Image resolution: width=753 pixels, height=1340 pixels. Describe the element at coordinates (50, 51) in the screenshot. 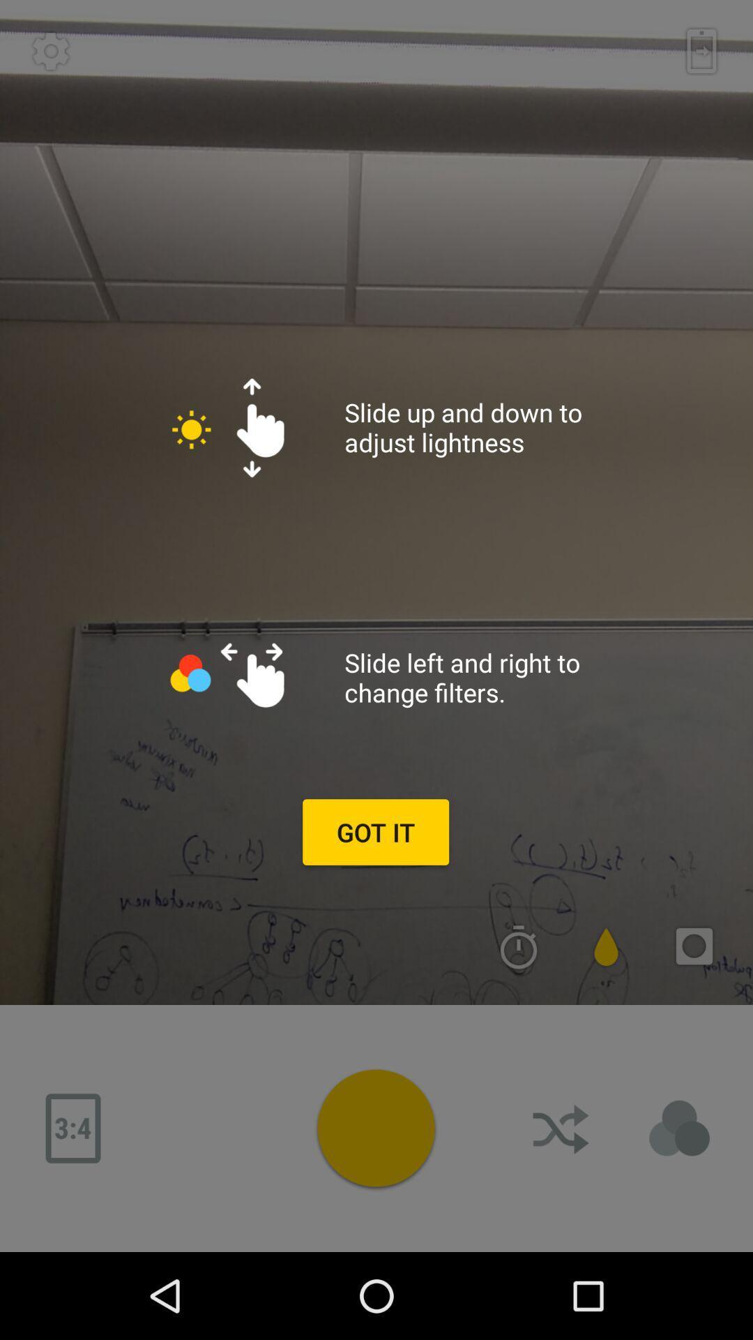

I see `open settings menu` at that location.